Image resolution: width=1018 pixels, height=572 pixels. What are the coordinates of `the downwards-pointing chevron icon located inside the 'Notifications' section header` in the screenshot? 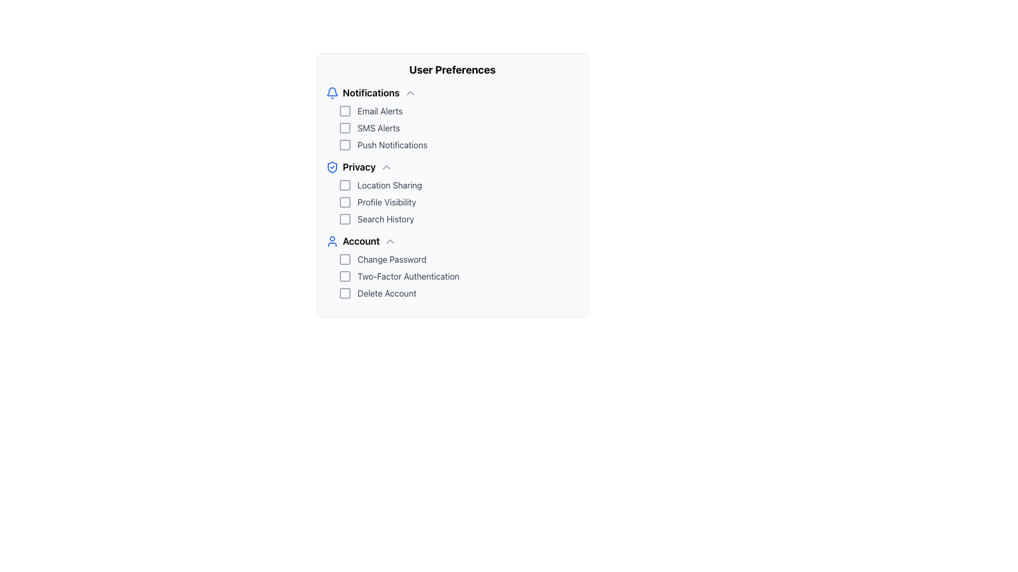 It's located at (409, 93).